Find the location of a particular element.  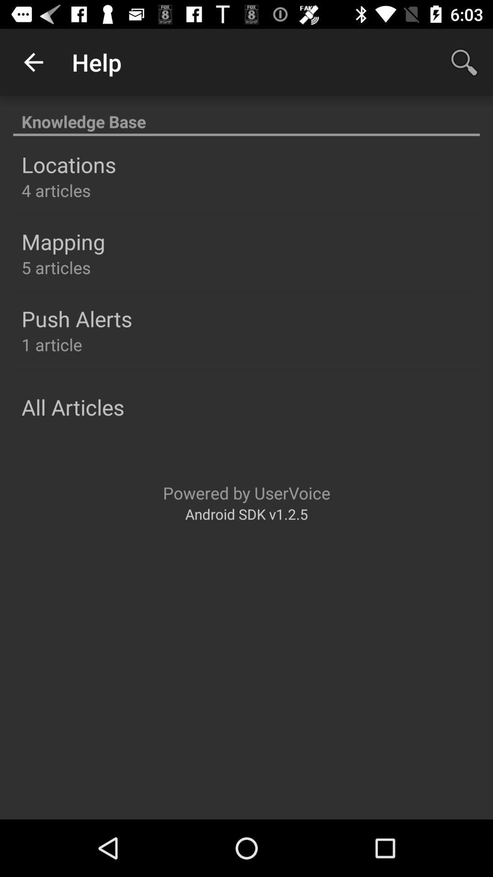

the app next to help app is located at coordinates (33, 62).